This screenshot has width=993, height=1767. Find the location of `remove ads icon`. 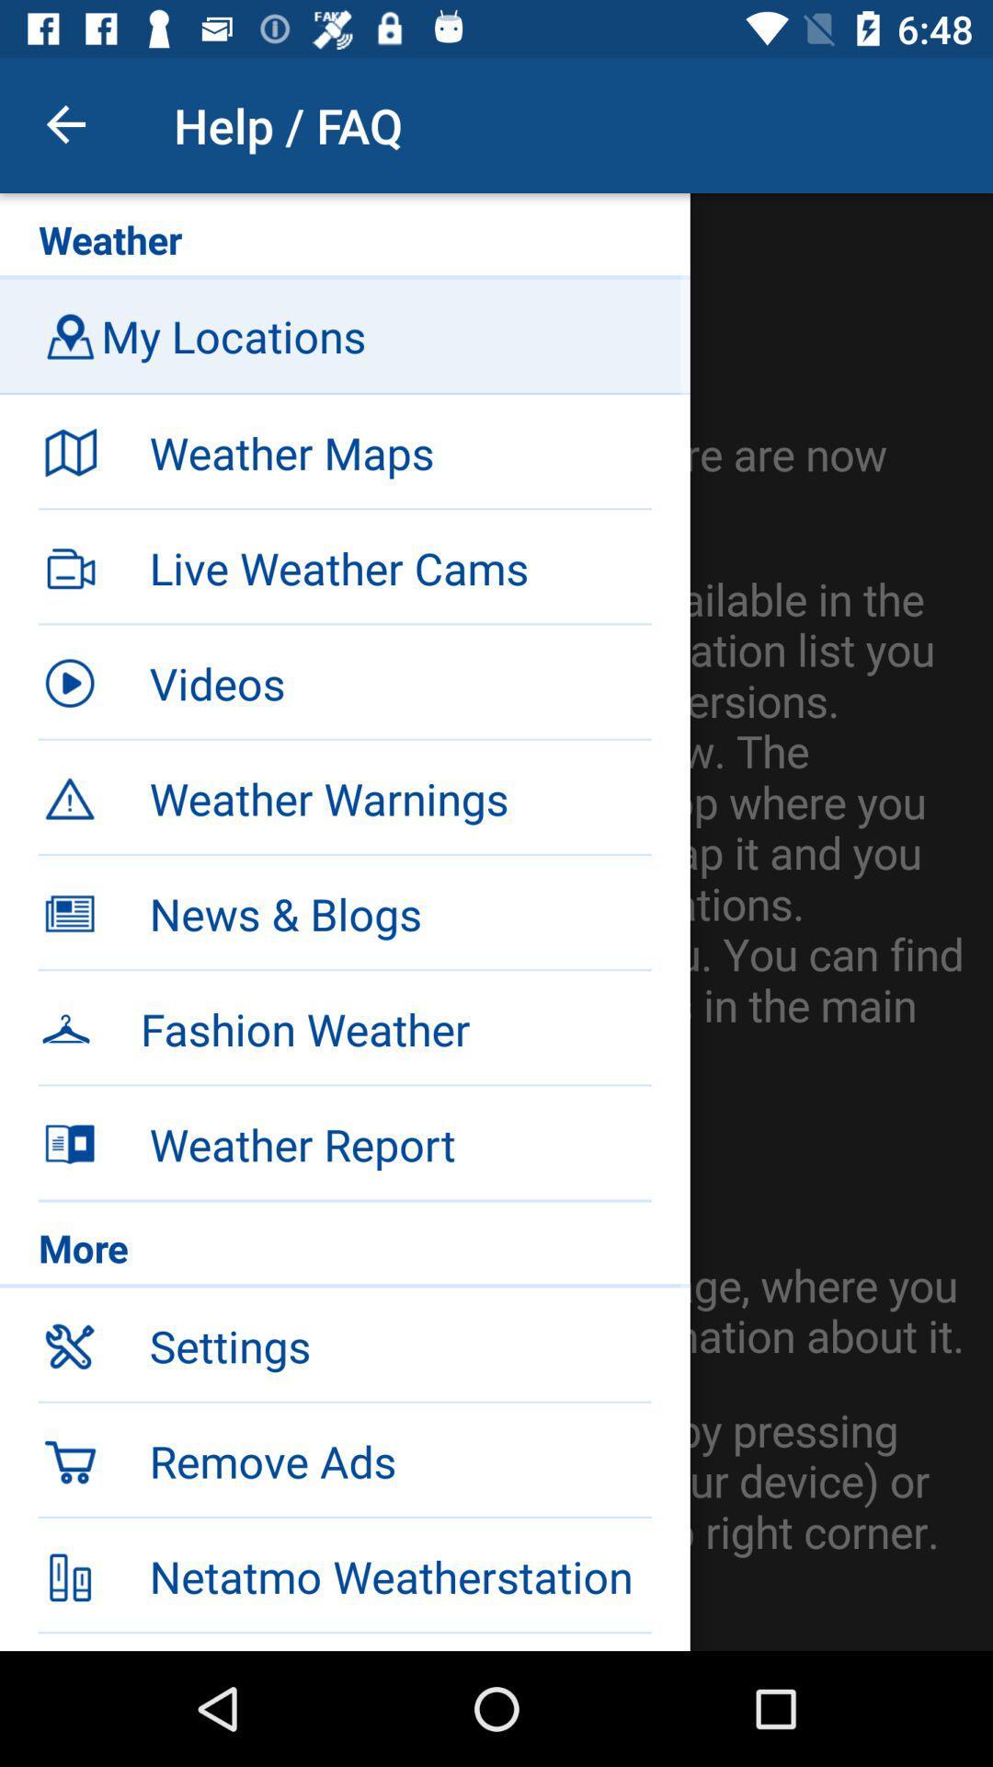

remove ads icon is located at coordinates (399, 1460).